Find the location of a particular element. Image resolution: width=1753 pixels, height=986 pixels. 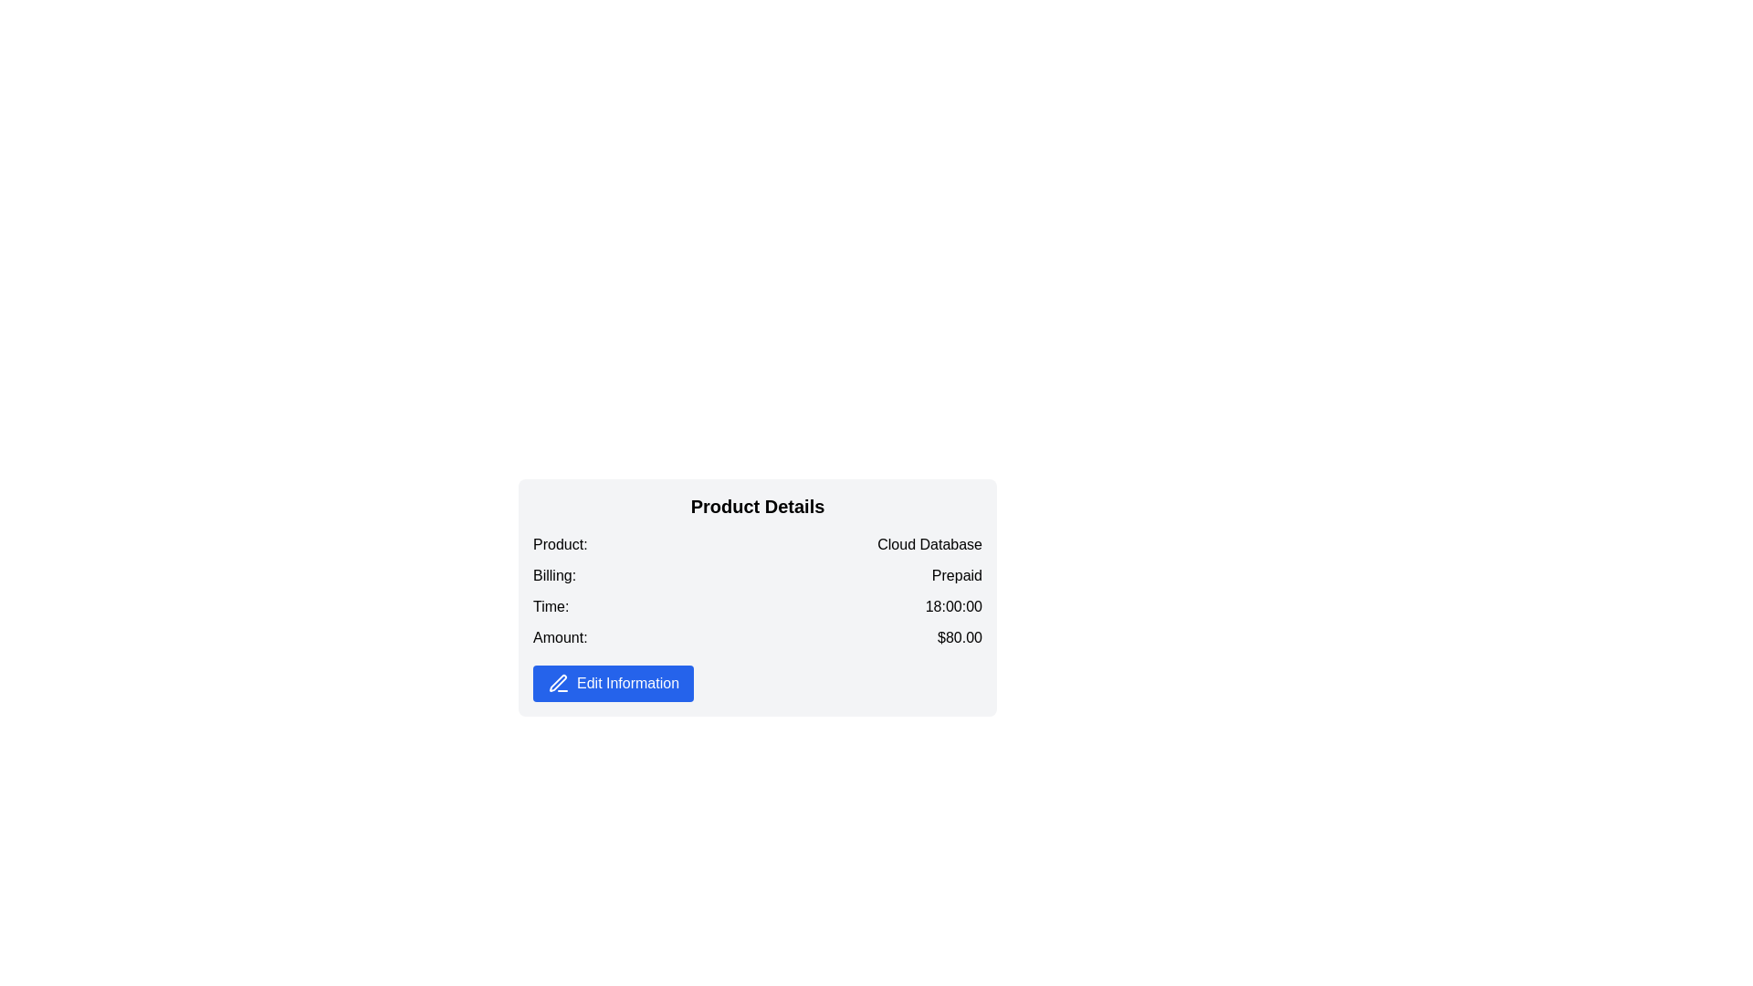

the static text label displaying 'Prepaid', which is located adjacent to the label 'Billing:' in the 'Product Details' section is located at coordinates (956, 577).